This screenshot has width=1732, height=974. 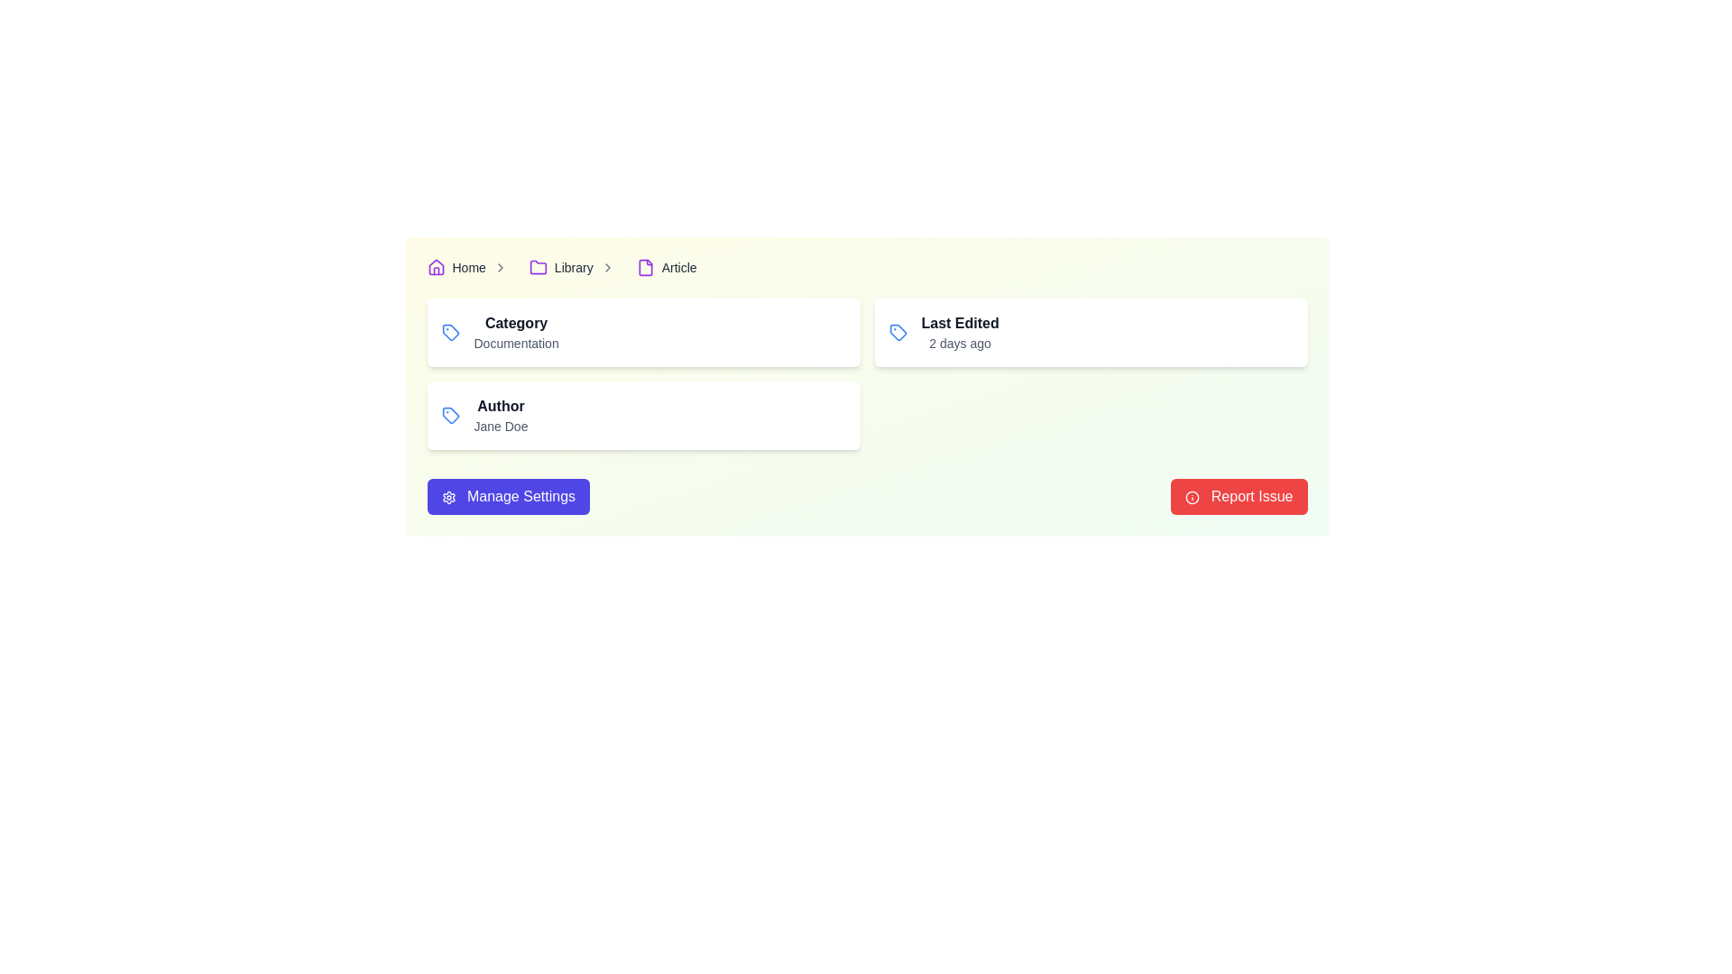 I want to click on the 'Documentation' informational card located in the top-left section of the grid layout, so click(x=643, y=333).